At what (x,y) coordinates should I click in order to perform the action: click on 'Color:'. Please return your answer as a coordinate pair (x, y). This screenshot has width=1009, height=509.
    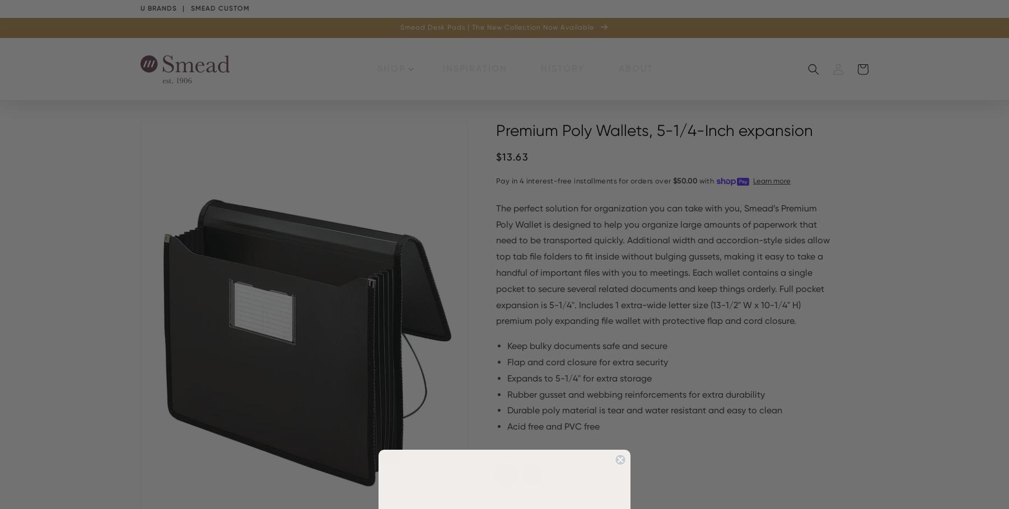
    Looking at the image, I should click on (507, 454).